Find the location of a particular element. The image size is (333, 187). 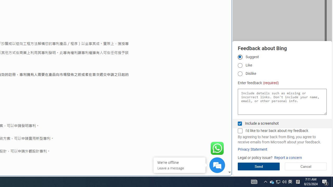

'Dislike' is located at coordinates (240, 74).